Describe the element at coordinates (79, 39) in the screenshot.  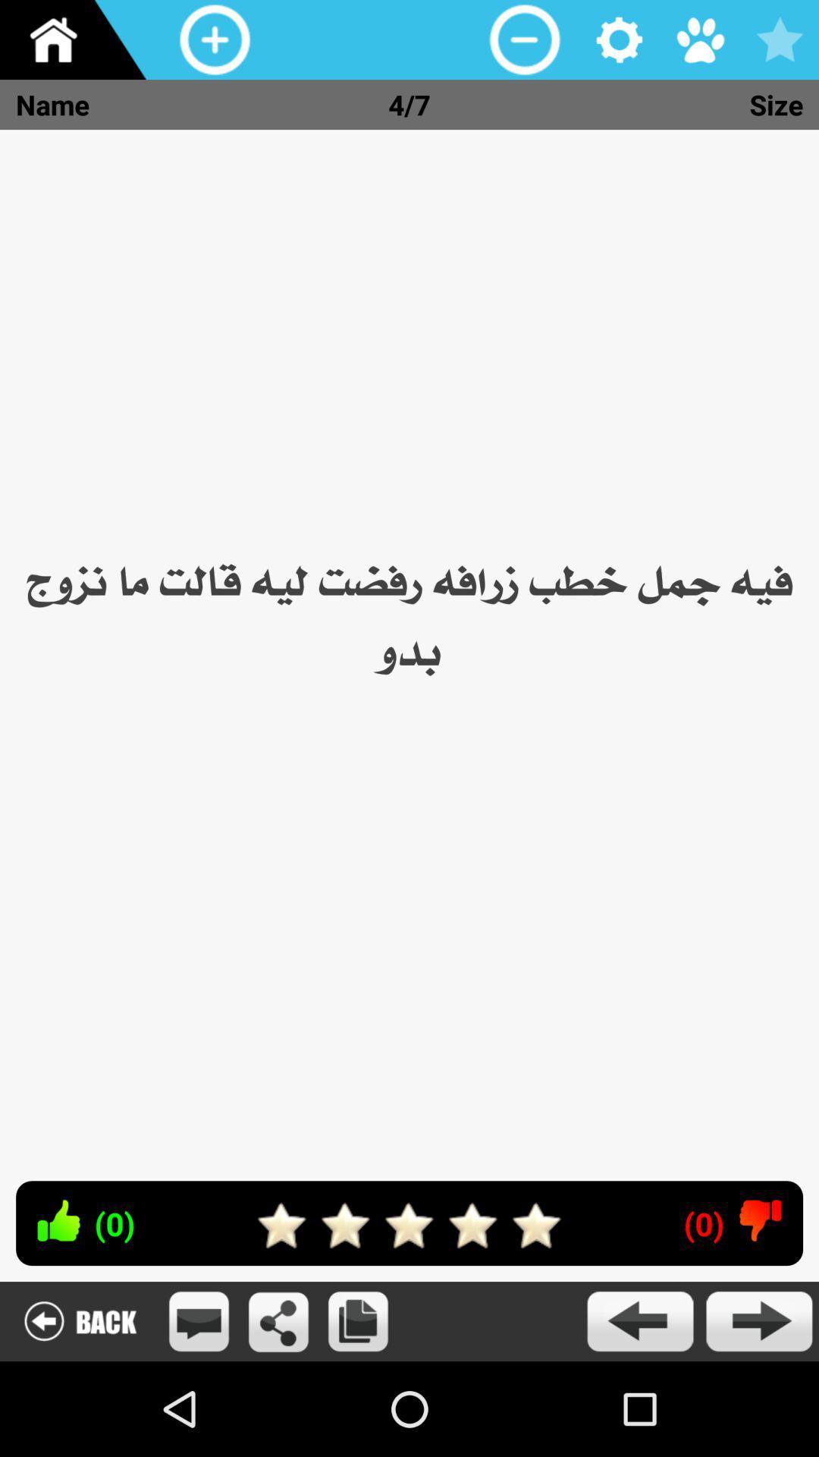
I see `app above name` at that location.